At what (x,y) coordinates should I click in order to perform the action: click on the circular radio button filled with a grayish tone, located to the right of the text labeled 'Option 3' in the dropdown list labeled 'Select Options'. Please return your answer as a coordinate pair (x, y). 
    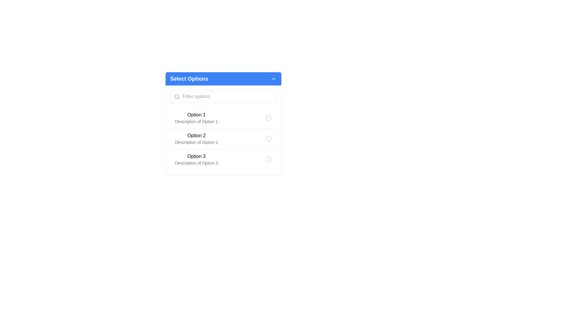
    Looking at the image, I should click on (268, 159).